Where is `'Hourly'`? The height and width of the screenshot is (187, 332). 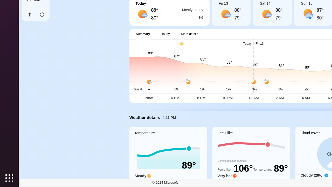
'Hourly' is located at coordinates (165, 34).